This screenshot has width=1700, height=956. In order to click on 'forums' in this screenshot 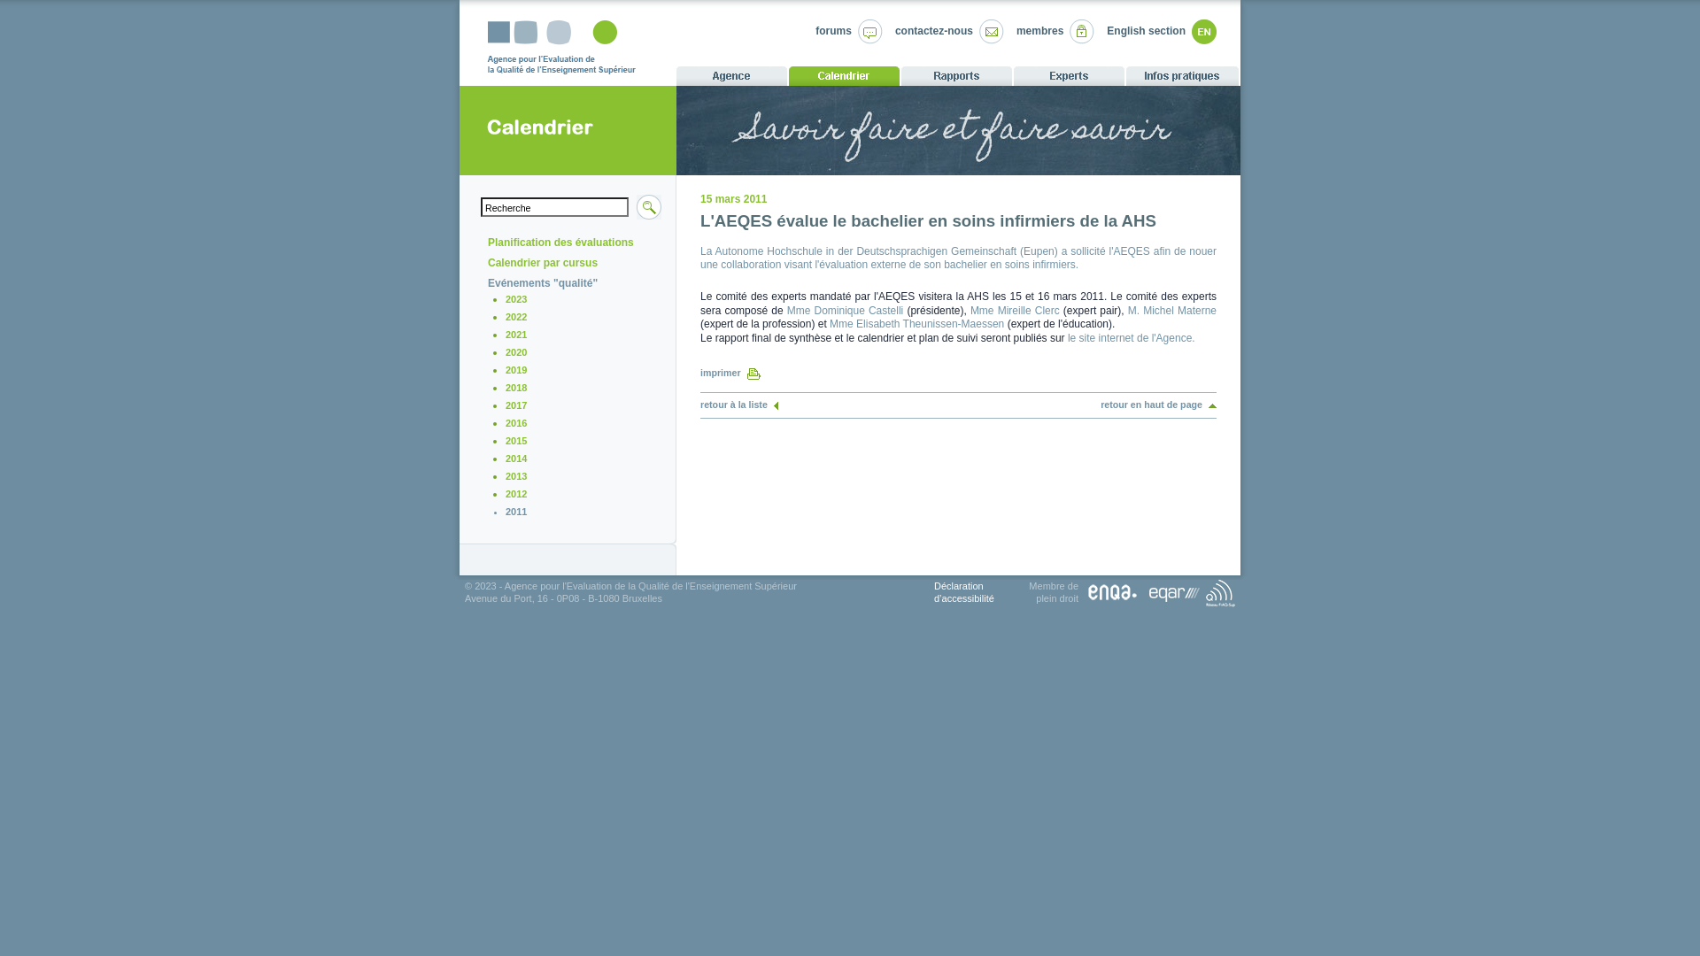, I will do `click(832, 30)`.